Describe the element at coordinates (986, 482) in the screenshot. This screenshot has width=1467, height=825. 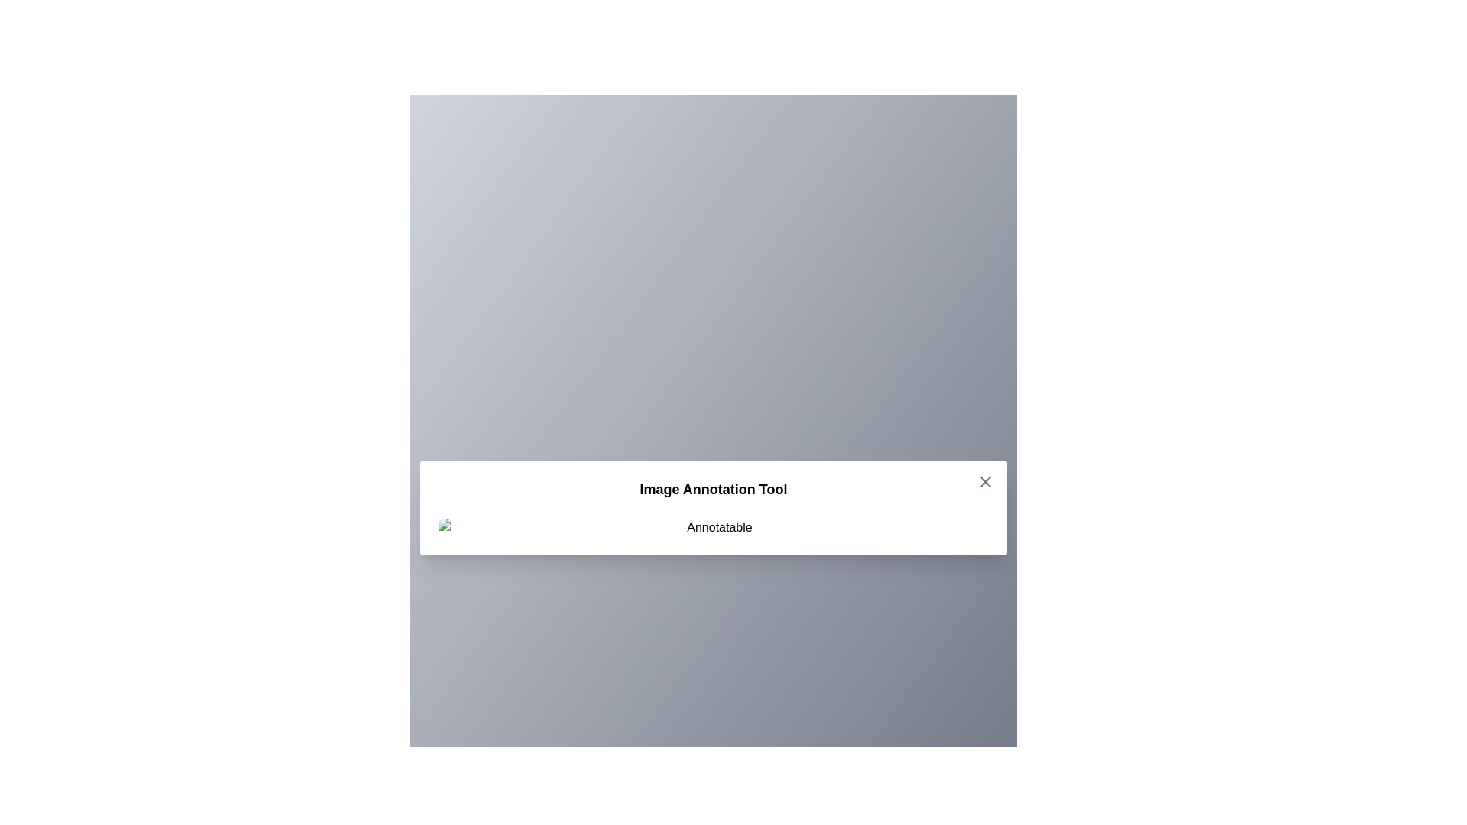
I see `'X' button to close the dialog` at that location.